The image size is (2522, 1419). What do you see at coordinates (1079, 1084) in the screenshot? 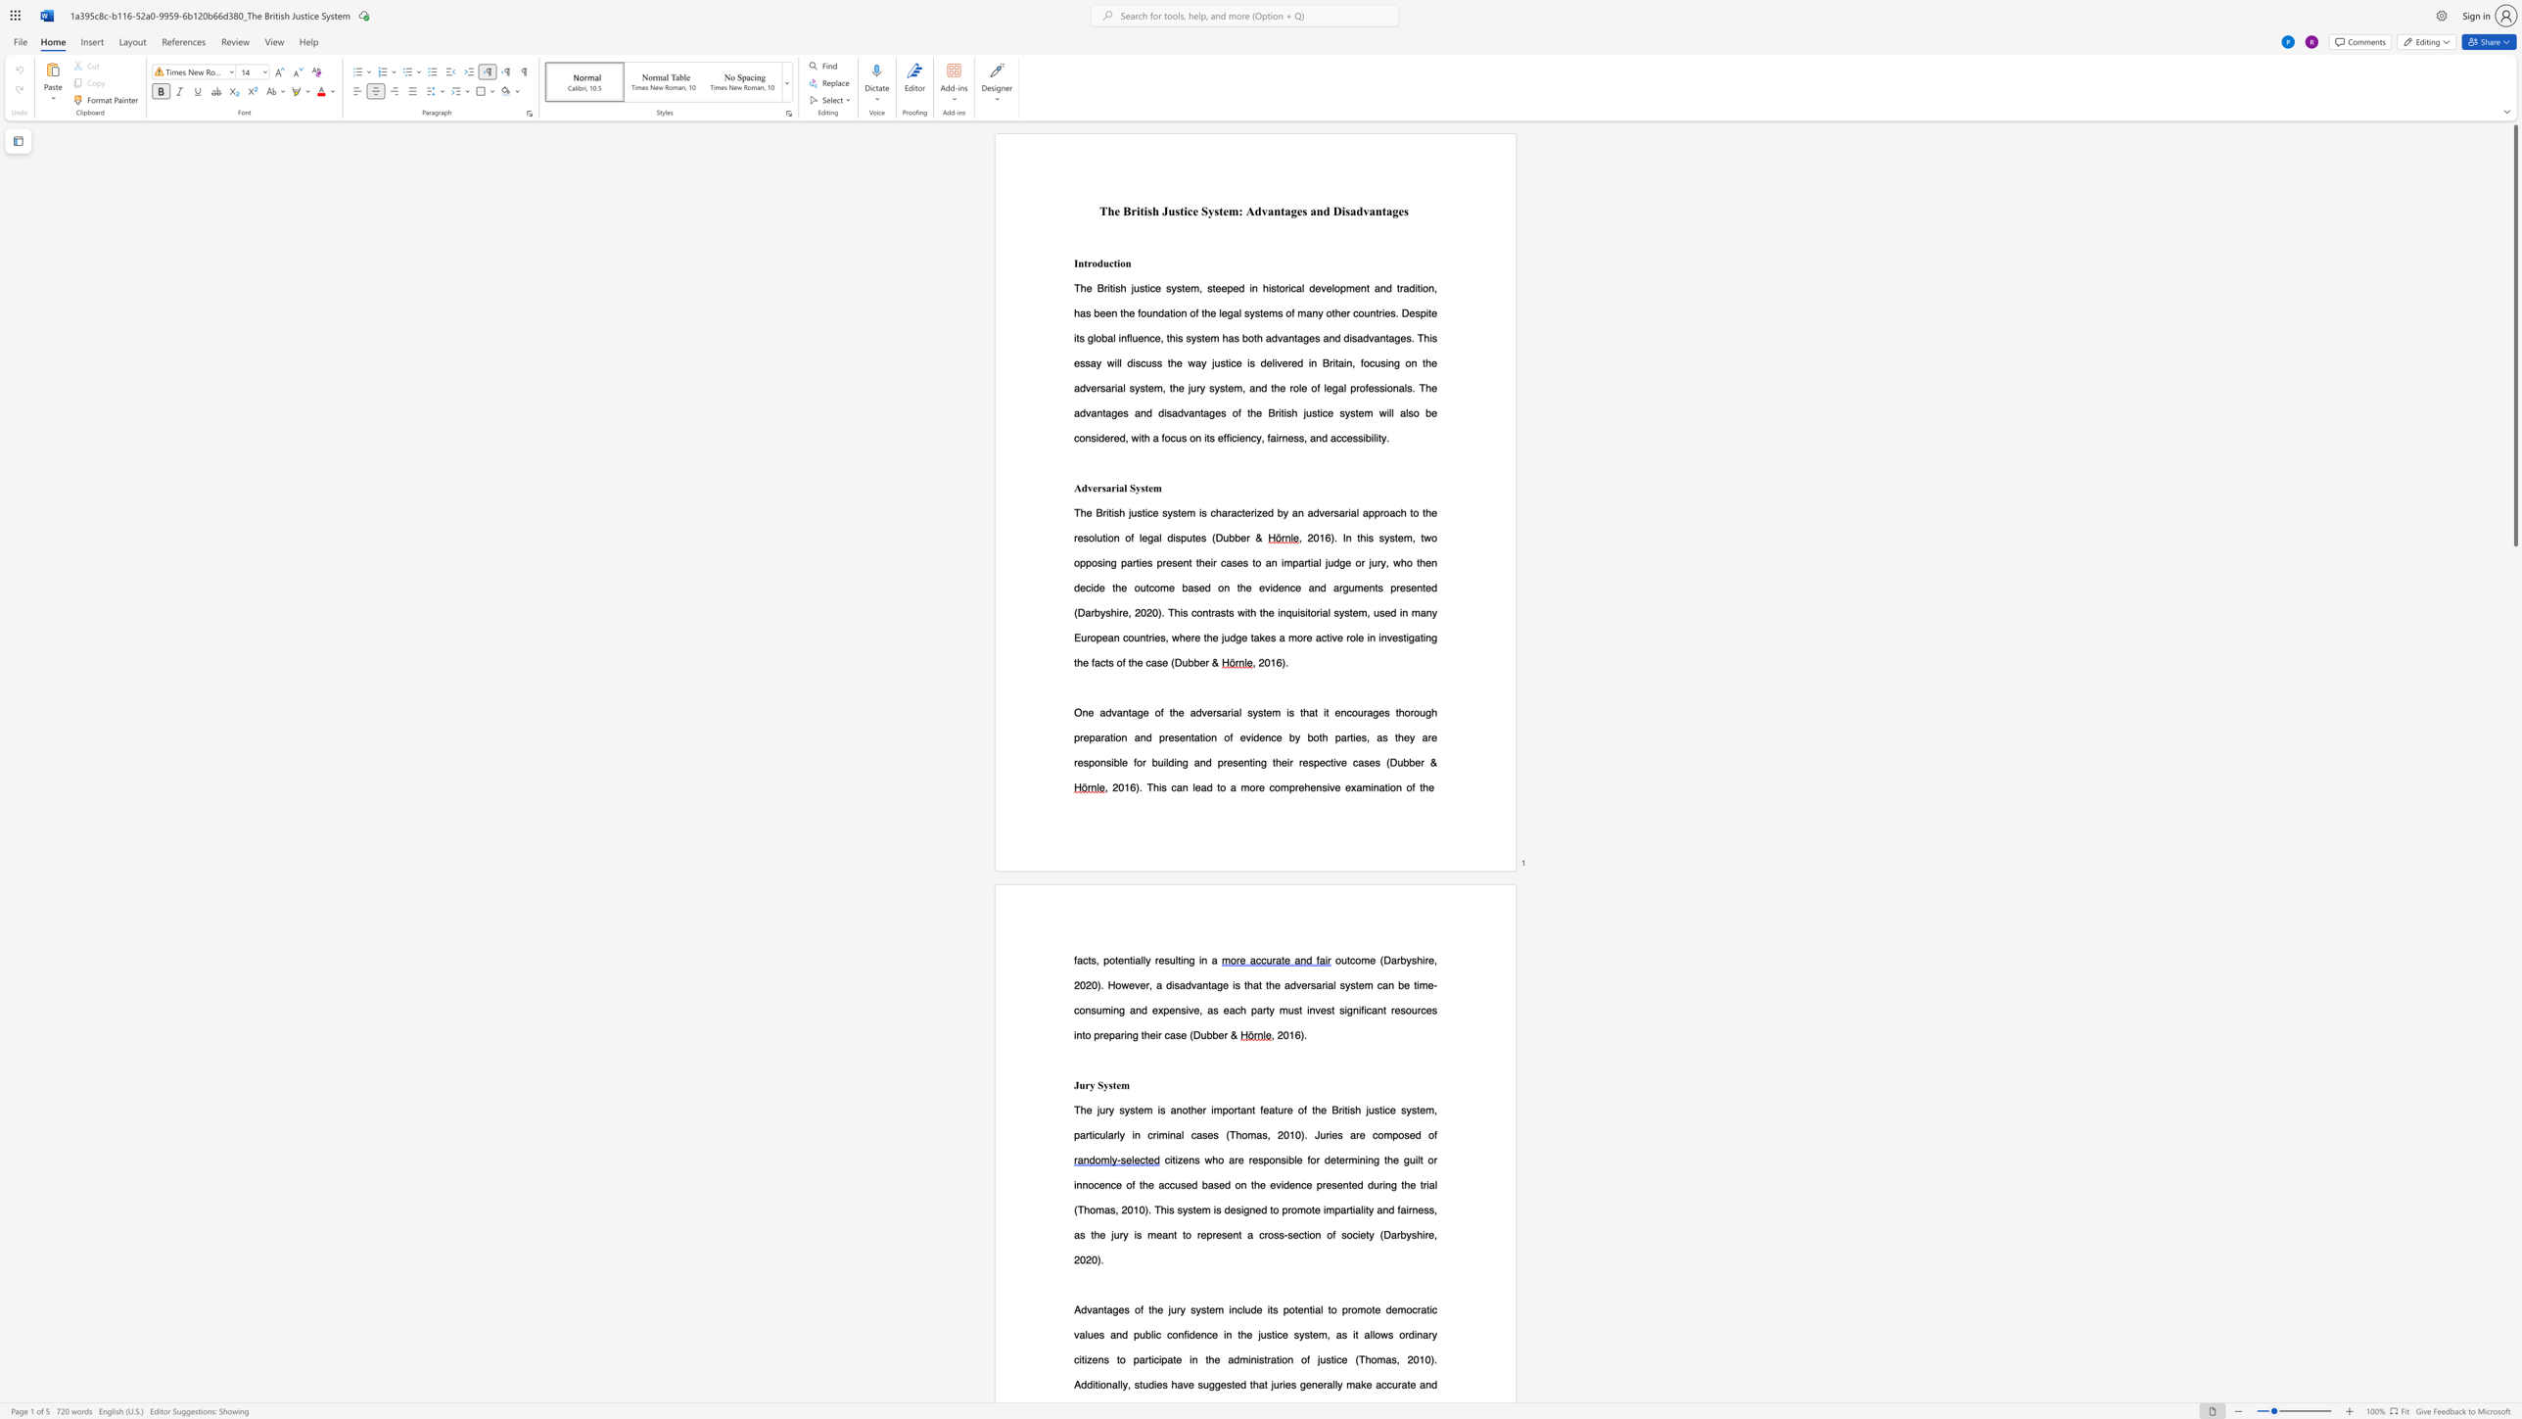
I see `the subset text "ury Sy" within the text "Jury System"` at bounding box center [1079, 1084].